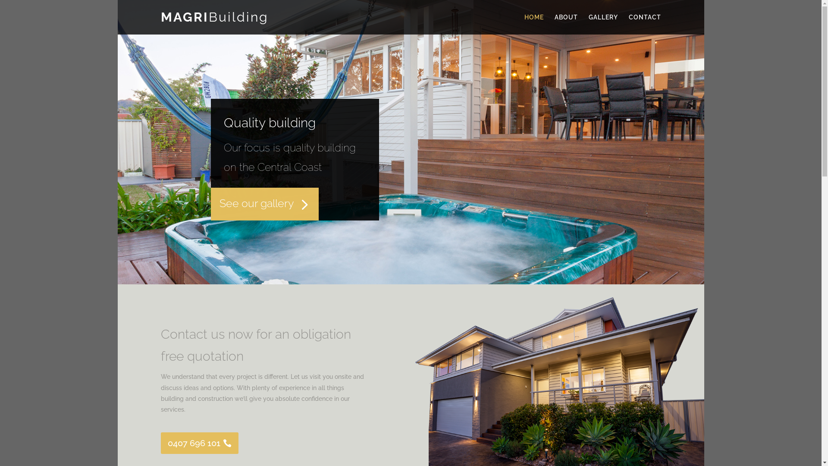 This screenshot has width=828, height=466. What do you see at coordinates (198, 443) in the screenshot?
I see `'0407 696 101'` at bounding box center [198, 443].